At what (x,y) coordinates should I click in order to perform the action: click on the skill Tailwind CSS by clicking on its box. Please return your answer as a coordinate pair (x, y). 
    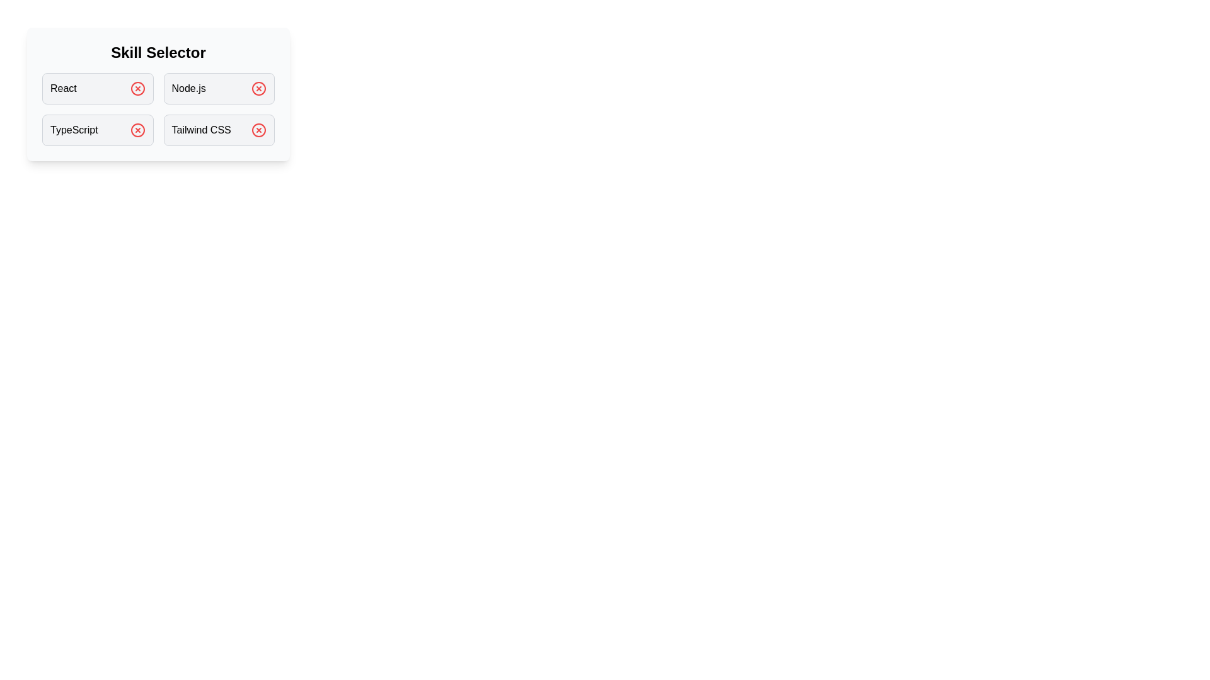
    Looking at the image, I should click on (219, 130).